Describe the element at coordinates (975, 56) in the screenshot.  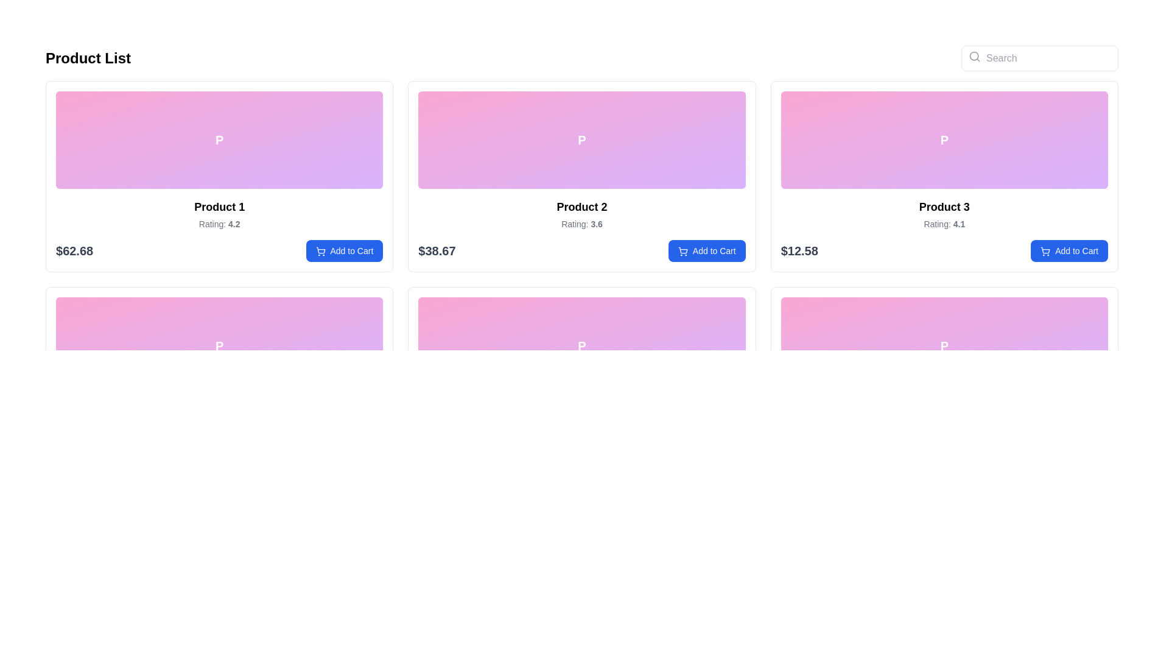
I see `the search icon represented by a gray magnifying glass symbol located on the left side of the search input field at the top-right corner of the page` at that location.